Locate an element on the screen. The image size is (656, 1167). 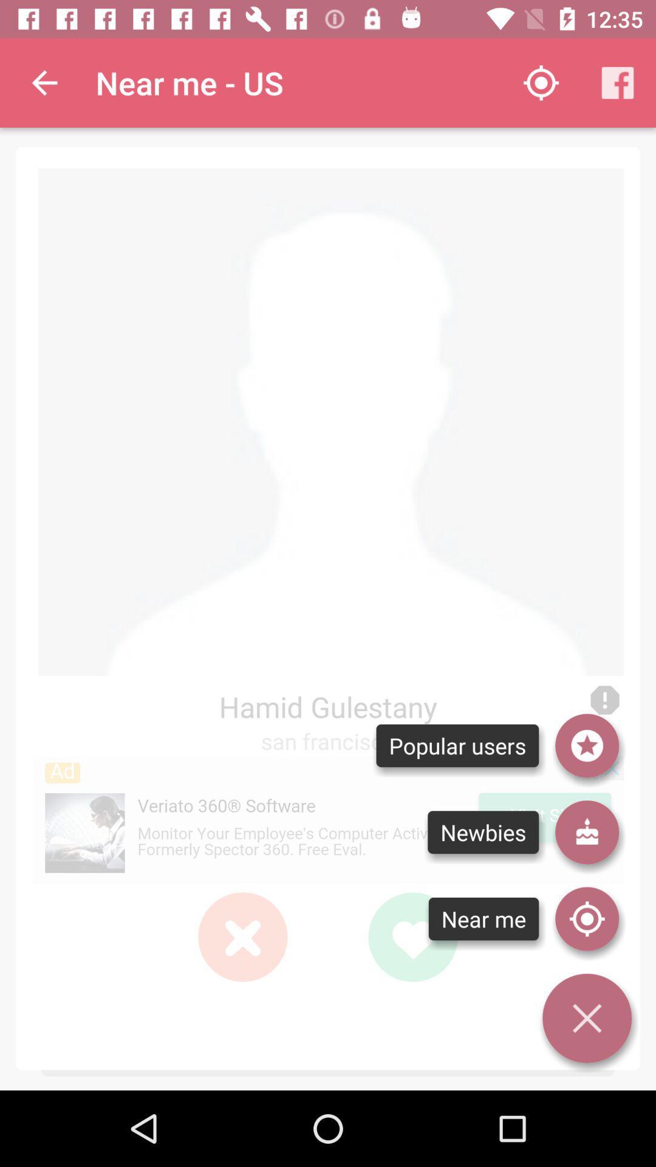
the gift icon is located at coordinates (586, 831).